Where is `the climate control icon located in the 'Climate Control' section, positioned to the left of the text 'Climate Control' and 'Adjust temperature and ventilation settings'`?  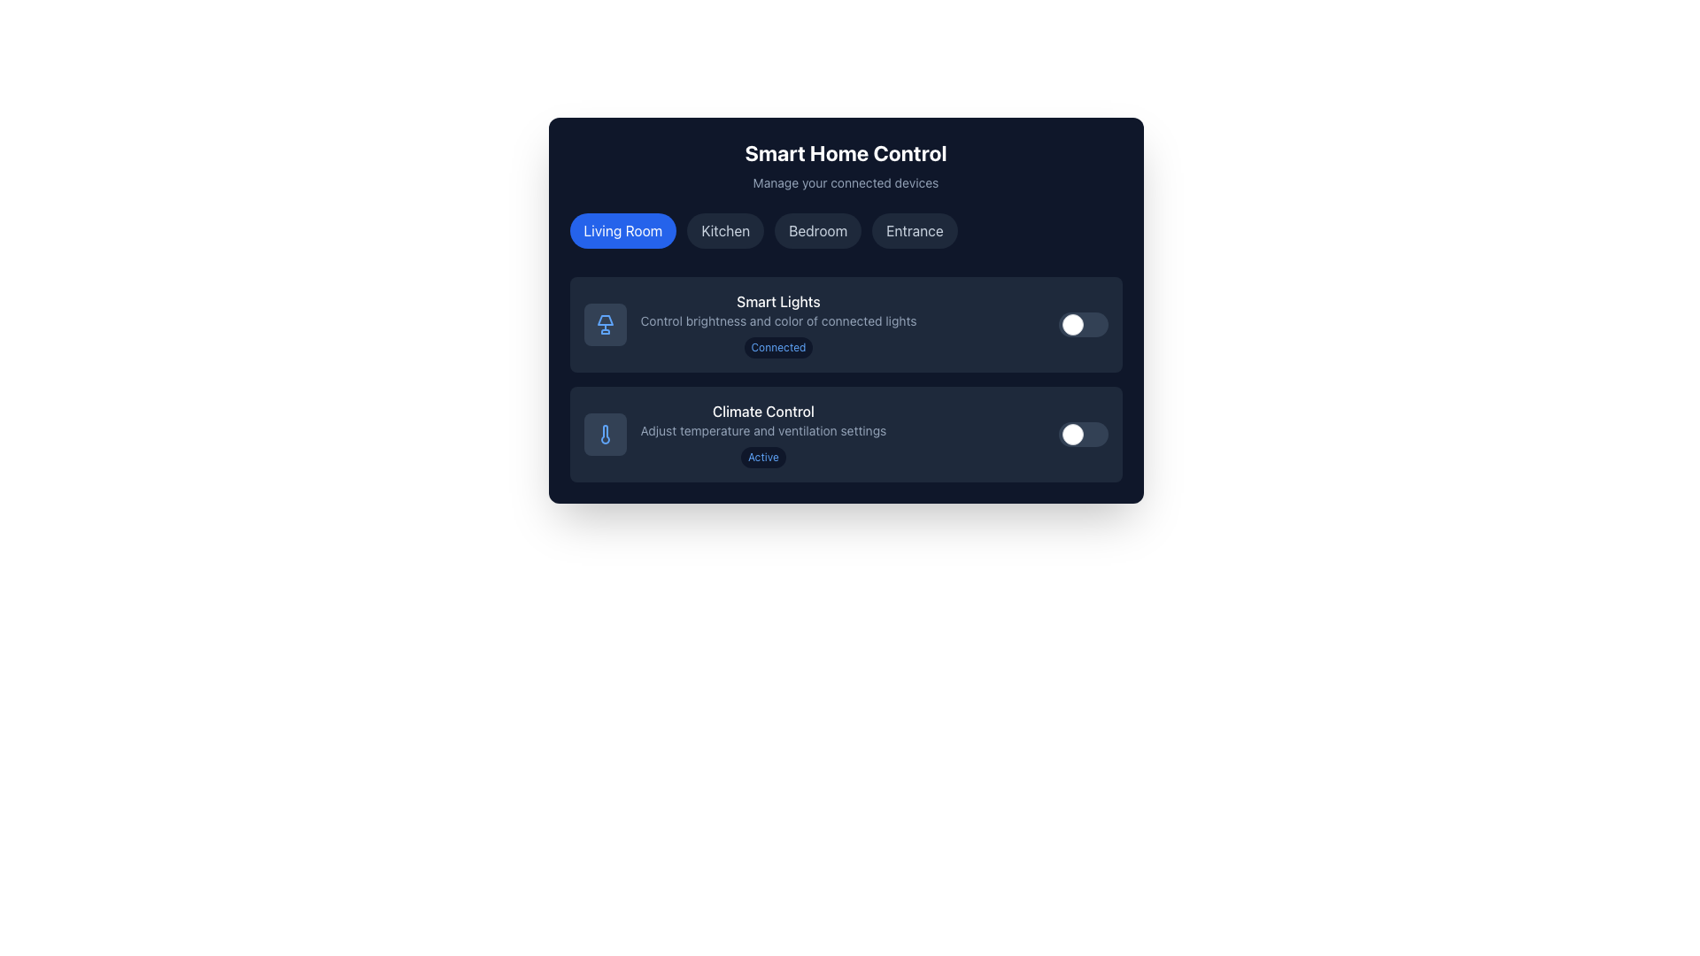
the climate control icon located in the 'Climate Control' section, positioned to the left of the text 'Climate Control' and 'Adjust temperature and ventilation settings' is located at coordinates (605, 434).